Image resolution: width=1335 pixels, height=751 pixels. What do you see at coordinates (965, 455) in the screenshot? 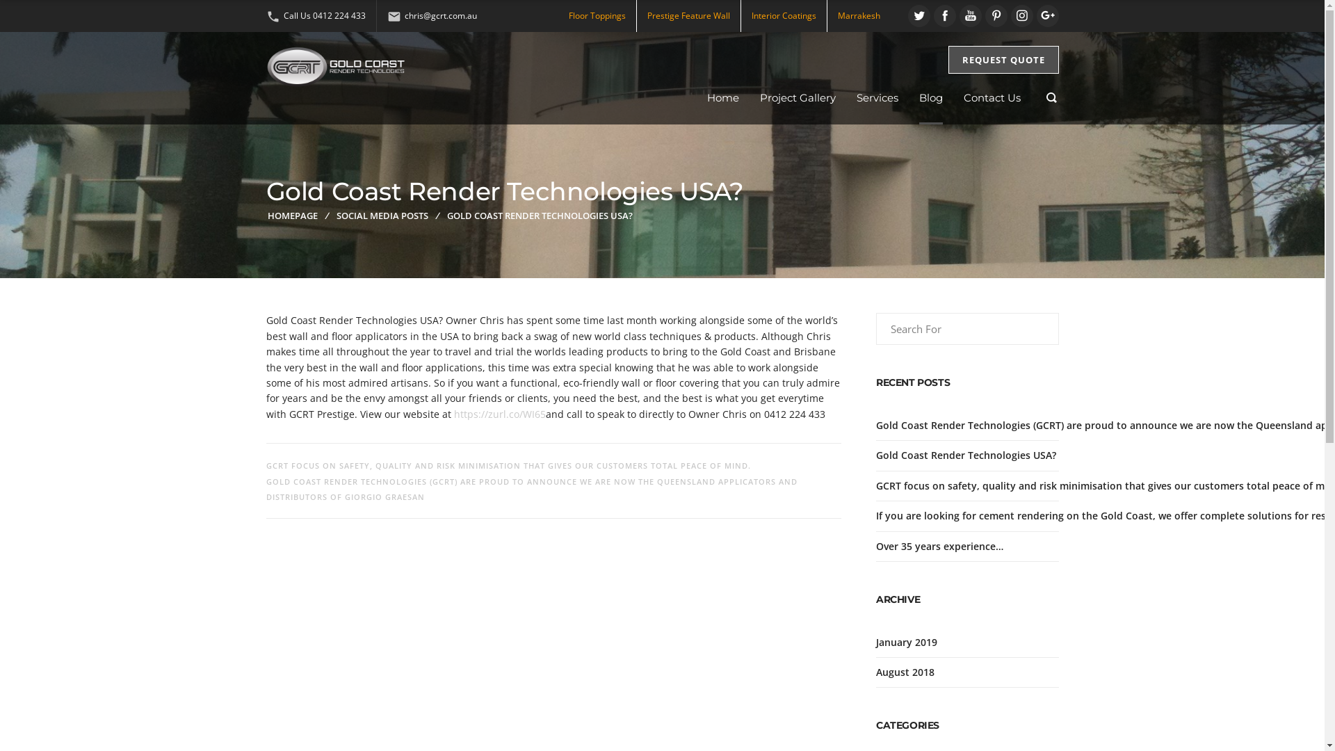
I see `'Gold Coast Render Technologies USA?'` at bounding box center [965, 455].